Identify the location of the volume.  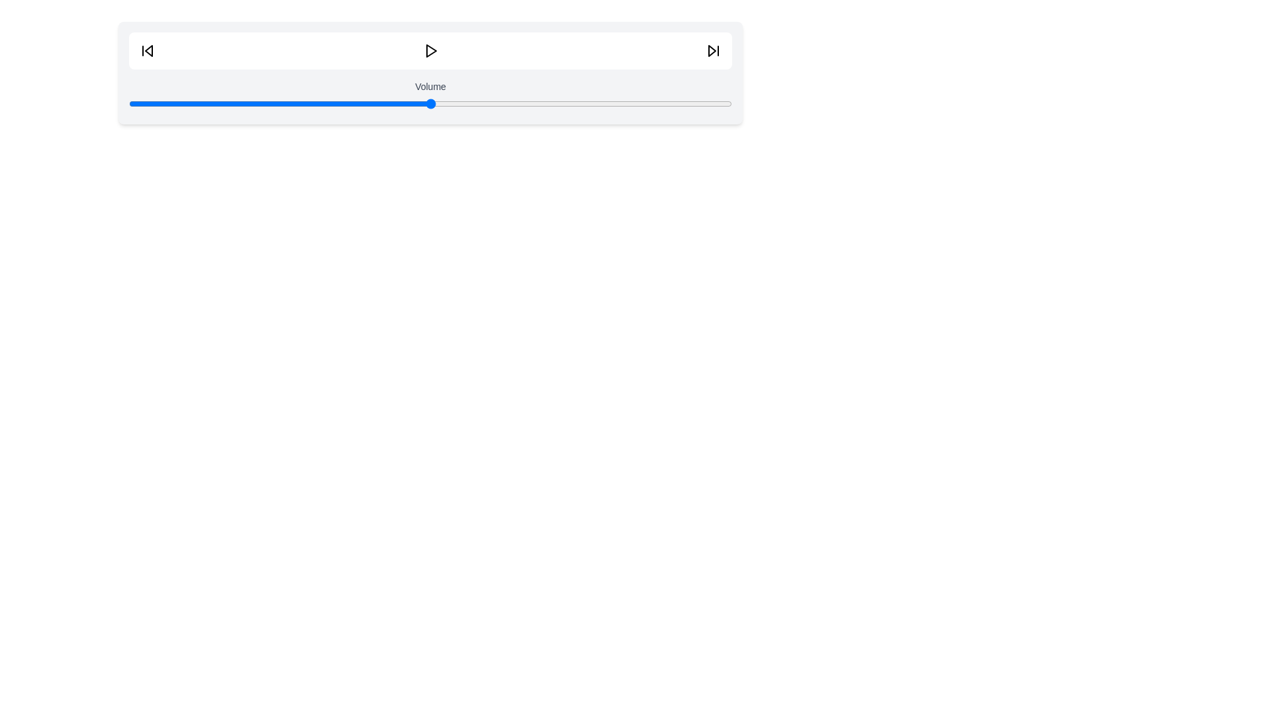
(159, 103).